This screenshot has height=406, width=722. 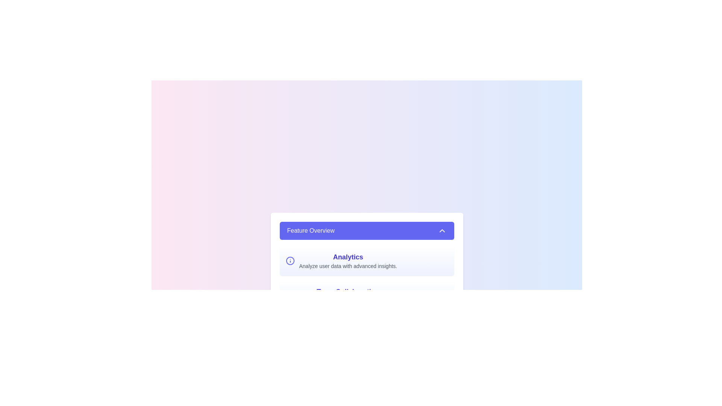 I want to click on the blue and white circular element that is part of the icon located to the left of the 'Analytics' text in the feature overview section, so click(x=290, y=261).